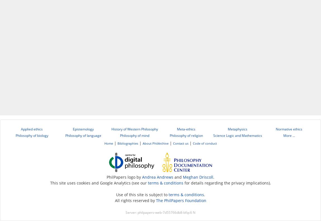  I want to click on 'About PhilArchive', so click(155, 143).